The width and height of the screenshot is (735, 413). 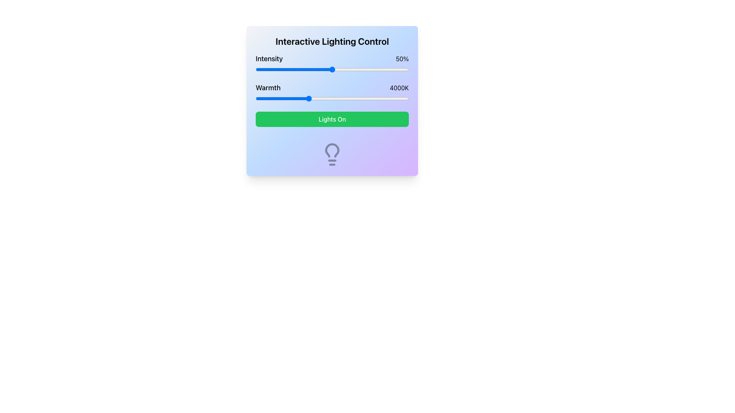 I want to click on the text label 'Warmth' which is part of the control panel for adjusting lighting warmth settings, so click(x=268, y=88).